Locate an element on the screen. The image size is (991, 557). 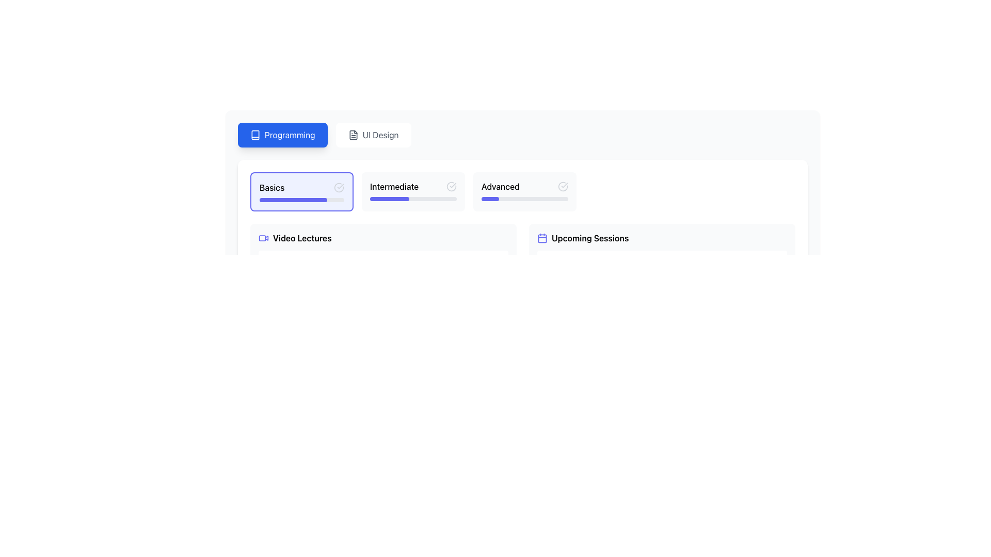
the progress status of the indigo progress indicator within the progress bar located under the 'Basics' heading is located at coordinates (293, 200).